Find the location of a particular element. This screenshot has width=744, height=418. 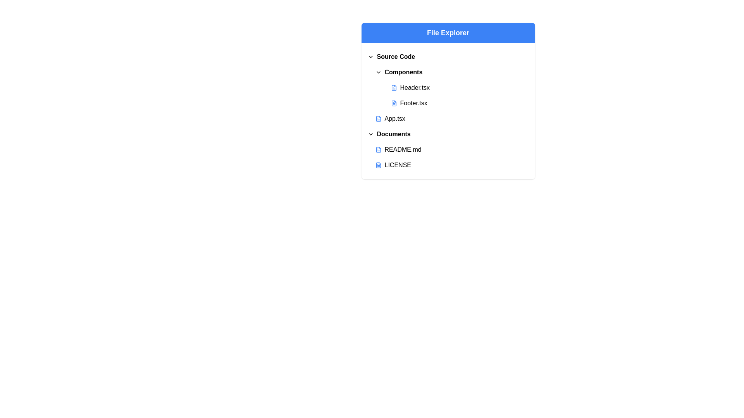

the text label representing the file 'App.tsx' in the file explorer is located at coordinates (395, 119).